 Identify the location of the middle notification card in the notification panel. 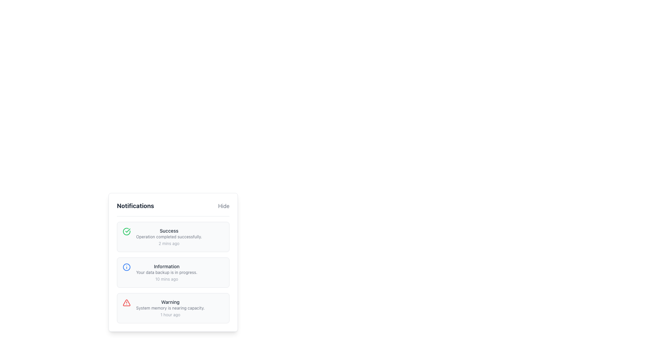
(166, 272).